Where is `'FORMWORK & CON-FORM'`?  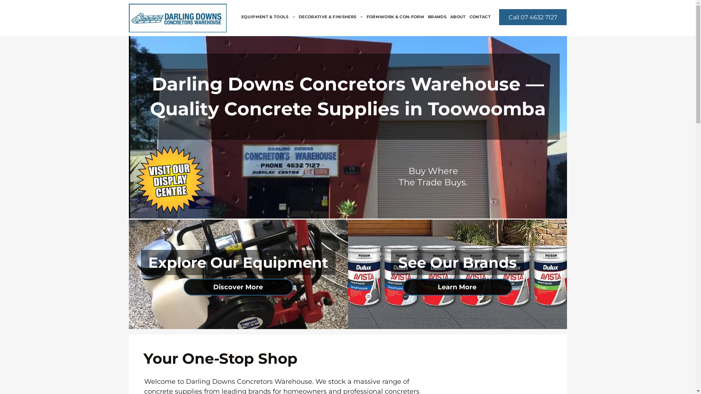
'FORMWORK & CON-FORM' is located at coordinates (395, 16).